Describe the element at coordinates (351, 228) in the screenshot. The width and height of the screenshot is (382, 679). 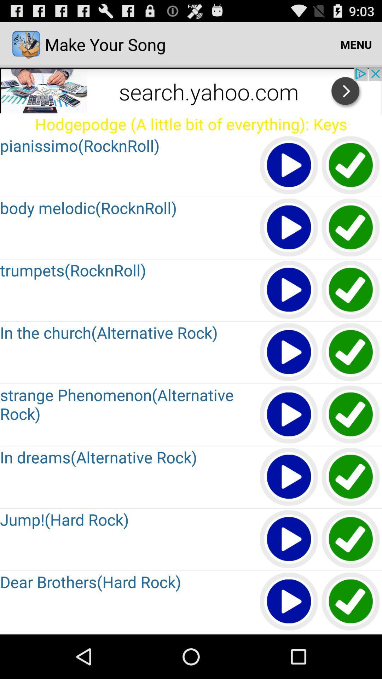
I see `finish icon` at that location.